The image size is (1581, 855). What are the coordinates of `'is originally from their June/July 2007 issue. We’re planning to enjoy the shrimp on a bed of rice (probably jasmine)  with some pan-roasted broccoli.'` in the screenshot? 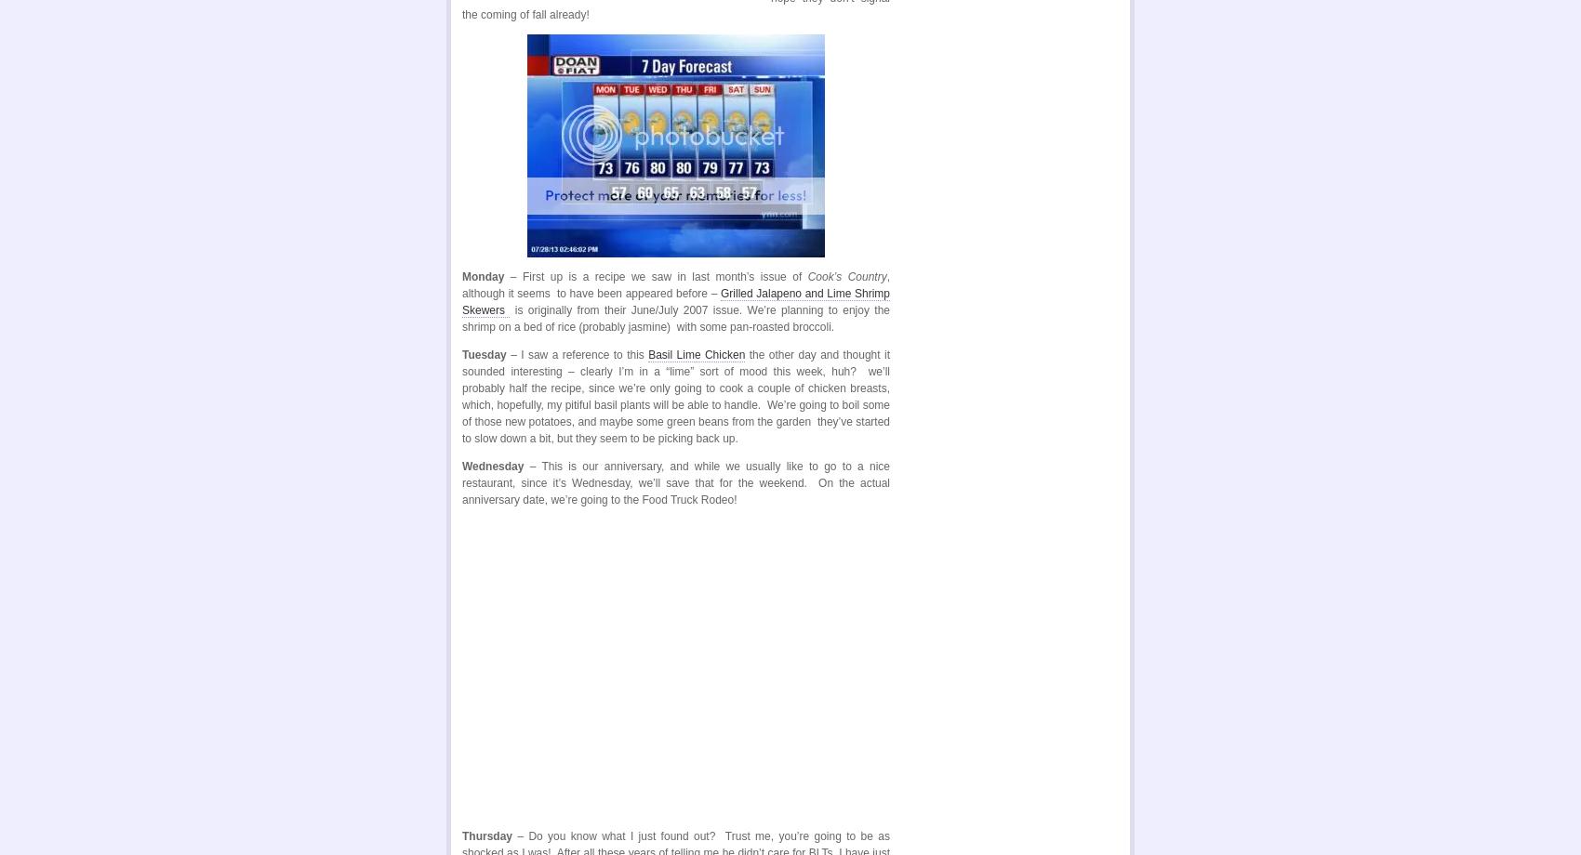 It's located at (675, 318).